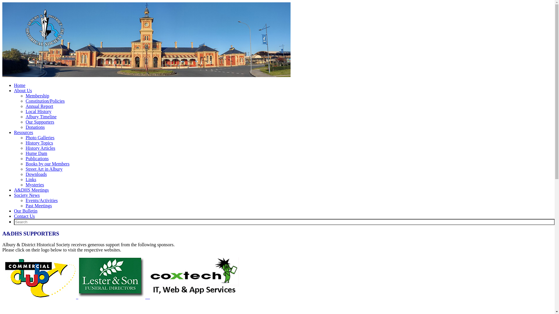 This screenshot has height=314, width=559. What do you see at coordinates (25, 200) in the screenshot?
I see `'Events/Activities'` at bounding box center [25, 200].